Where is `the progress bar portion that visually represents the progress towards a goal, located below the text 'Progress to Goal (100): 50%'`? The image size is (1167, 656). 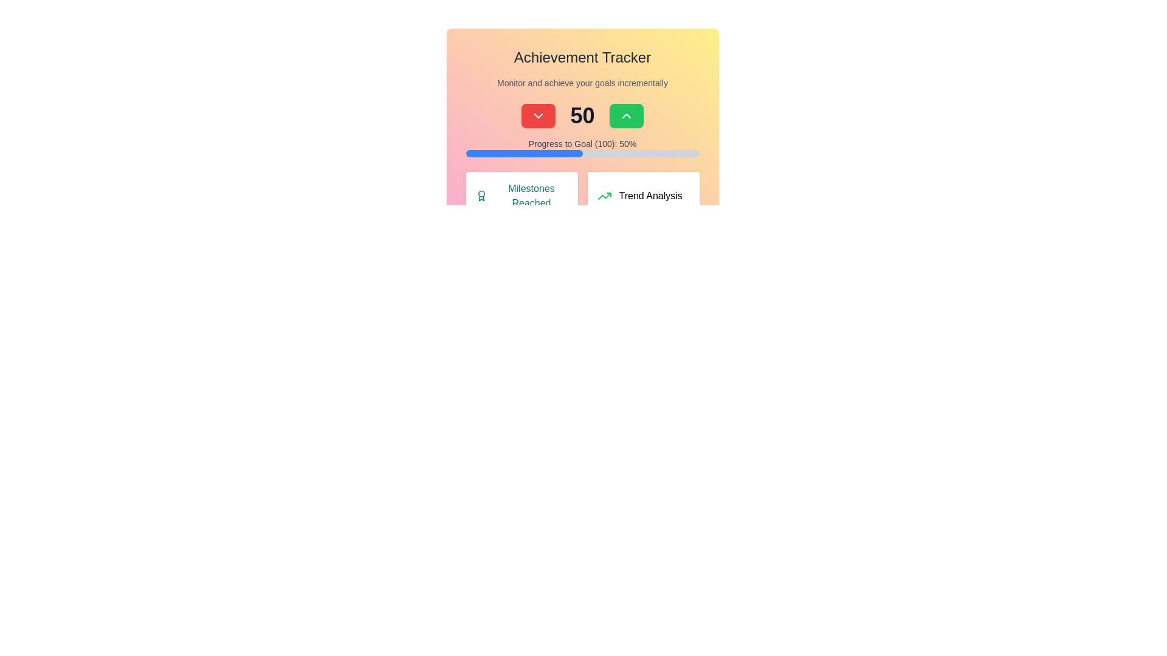 the progress bar portion that visually represents the progress towards a goal, located below the text 'Progress to Goal (100): 50%' is located at coordinates (524, 153).